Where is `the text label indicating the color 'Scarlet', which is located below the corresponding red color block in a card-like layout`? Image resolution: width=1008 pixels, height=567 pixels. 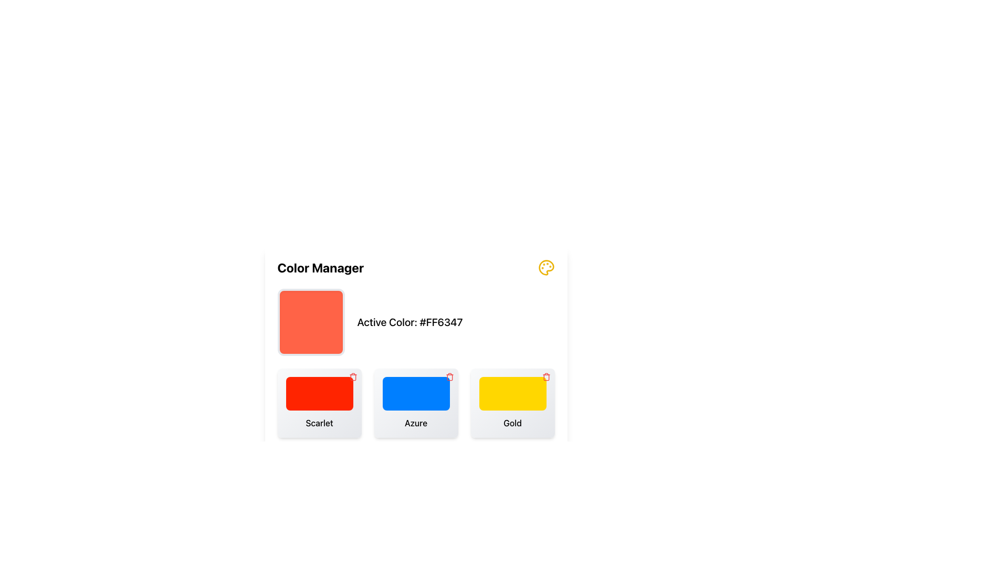
the text label indicating the color 'Scarlet', which is located below the corresponding red color block in a card-like layout is located at coordinates (319, 423).